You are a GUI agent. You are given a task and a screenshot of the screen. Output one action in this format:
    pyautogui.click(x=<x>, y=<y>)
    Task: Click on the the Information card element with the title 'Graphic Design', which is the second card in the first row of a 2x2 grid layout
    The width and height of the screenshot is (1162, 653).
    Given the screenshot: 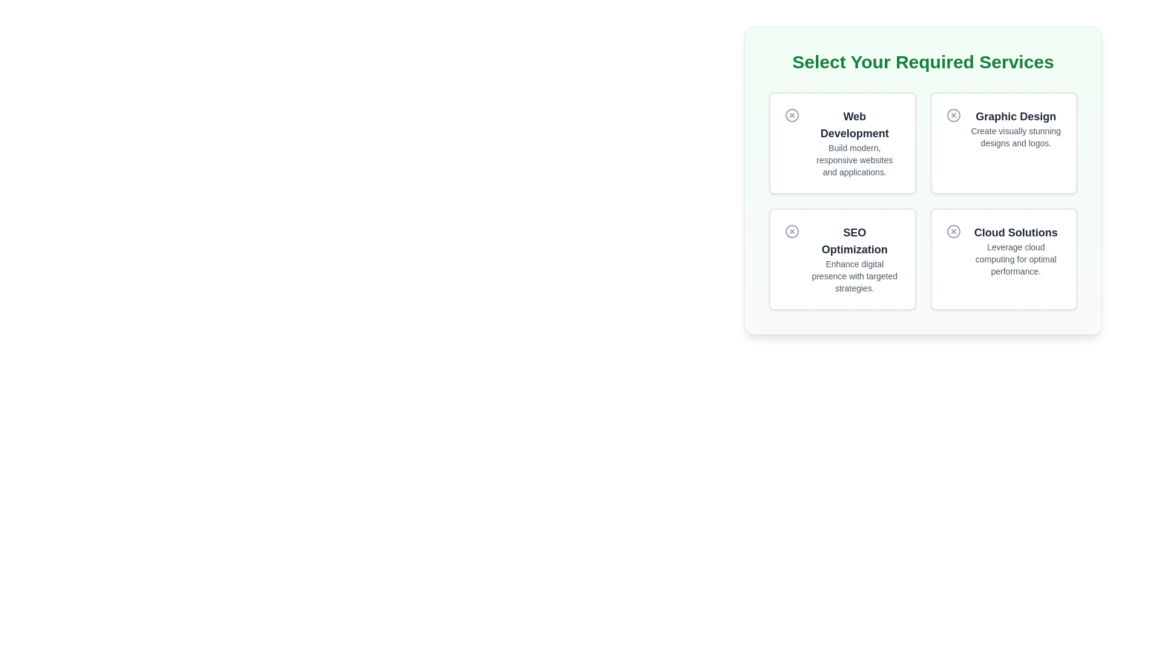 What is the action you would take?
    pyautogui.click(x=1003, y=142)
    